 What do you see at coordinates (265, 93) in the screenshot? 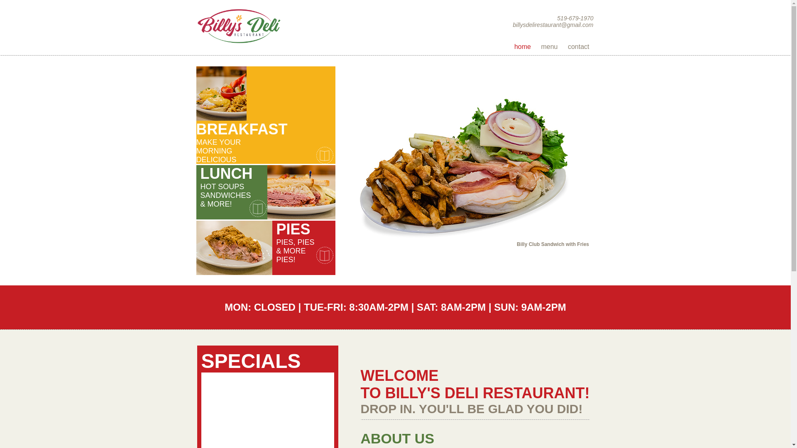
I see `'BREAKFAST` at bounding box center [265, 93].